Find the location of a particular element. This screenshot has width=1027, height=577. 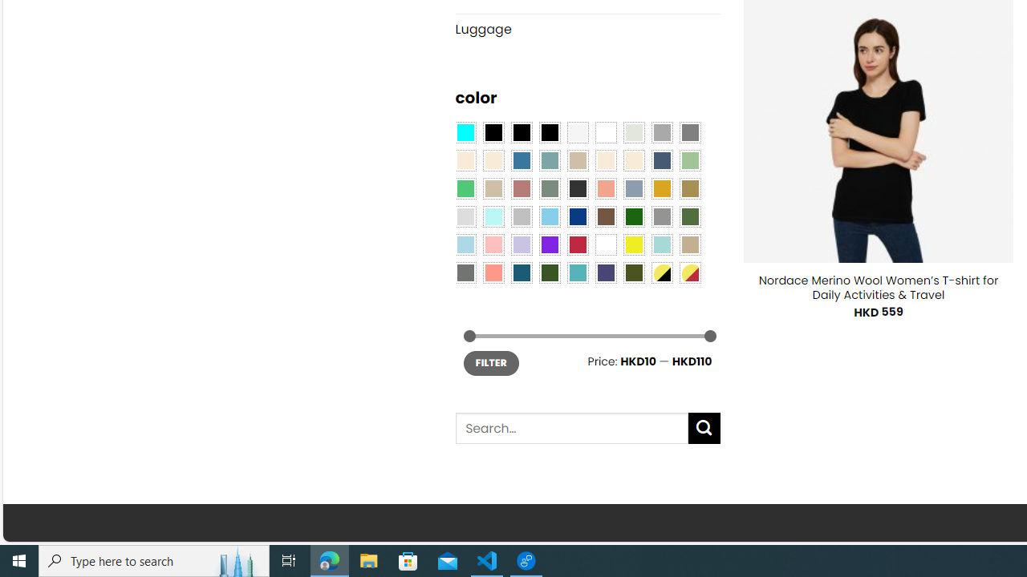

'Light Gray' is located at coordinates (464, 216).